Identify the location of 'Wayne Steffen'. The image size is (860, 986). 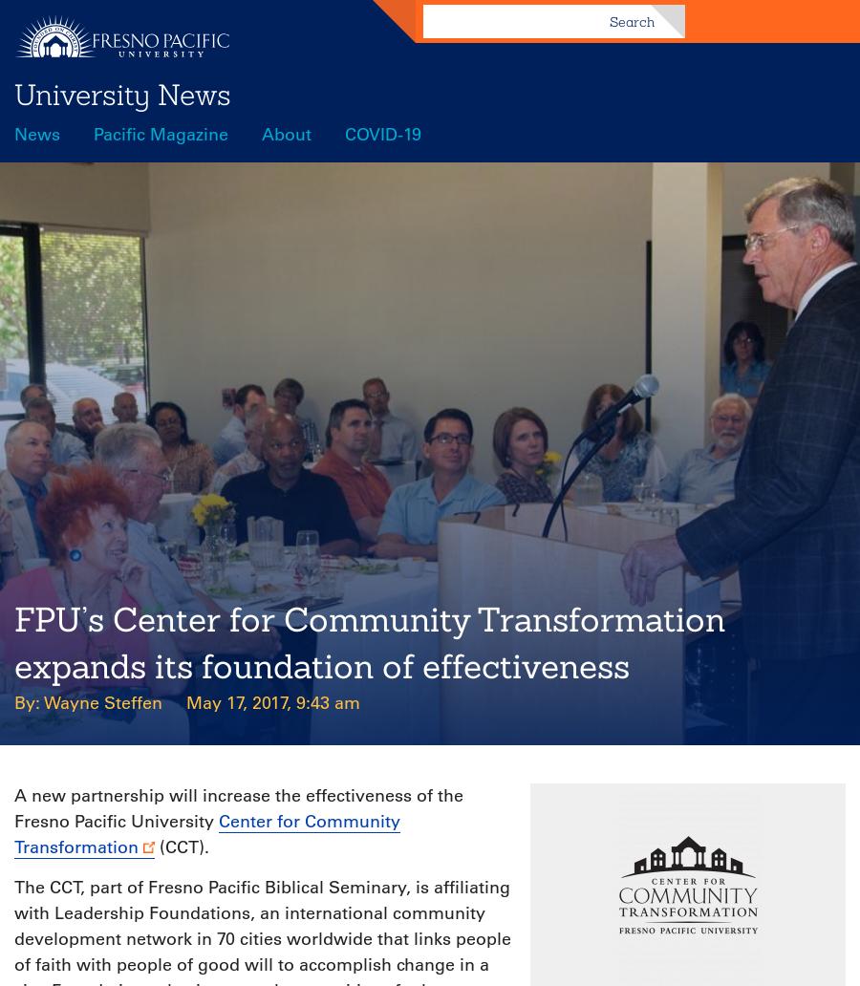
(42, 702).